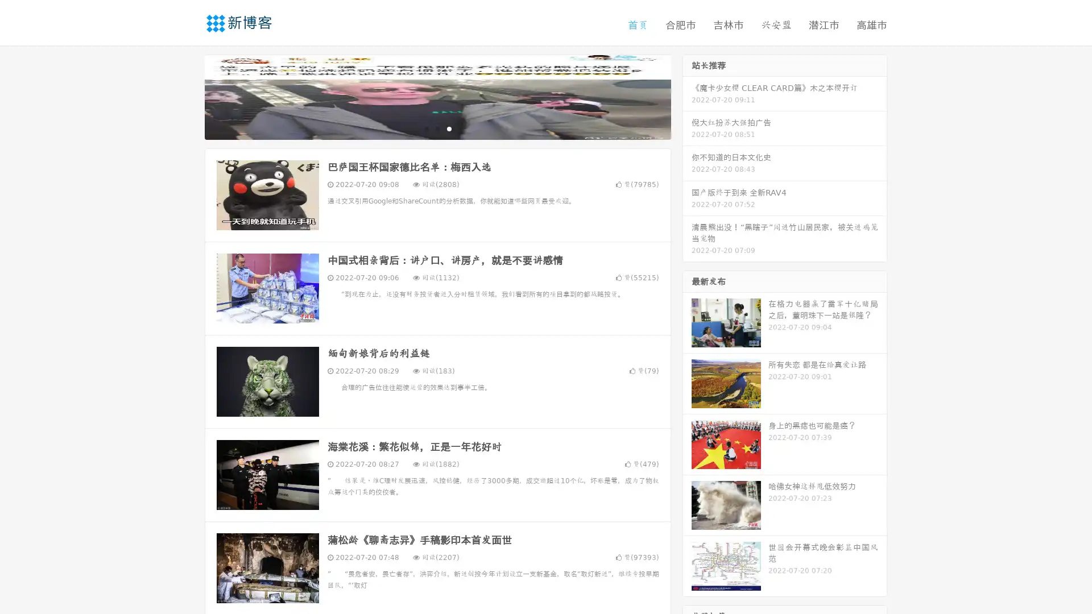 This screenshot has width=1092, height=614. I want to click on Next slide, so click(687, 96).